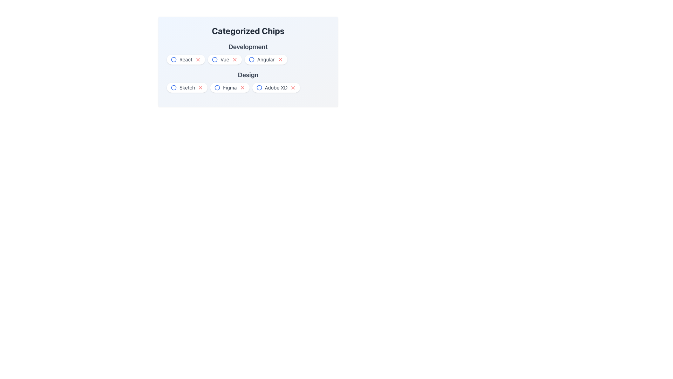 This screenshot has height=379, width=673. What do you see at coordinates (242, 87) in the screenshot?
I see `the close or delete button for the 'Figma' chip located at the far right end of the chip in the 'Design' category section` at bounding box center [242, 87].